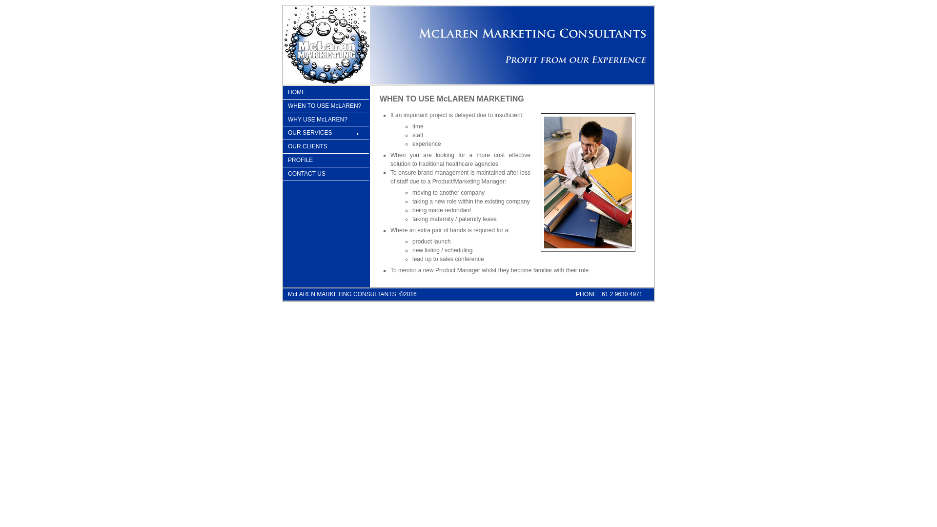 The image size is (937, 527). Describe the element at coordinates (326, 106) in the screenshot. I see `'WHEN TO USE McLAREN?'` at that location.